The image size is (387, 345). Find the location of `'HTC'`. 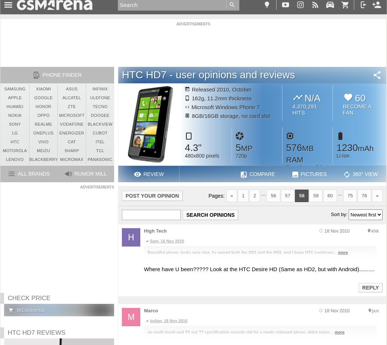

'HTC' is located at coordinates (15, 142).